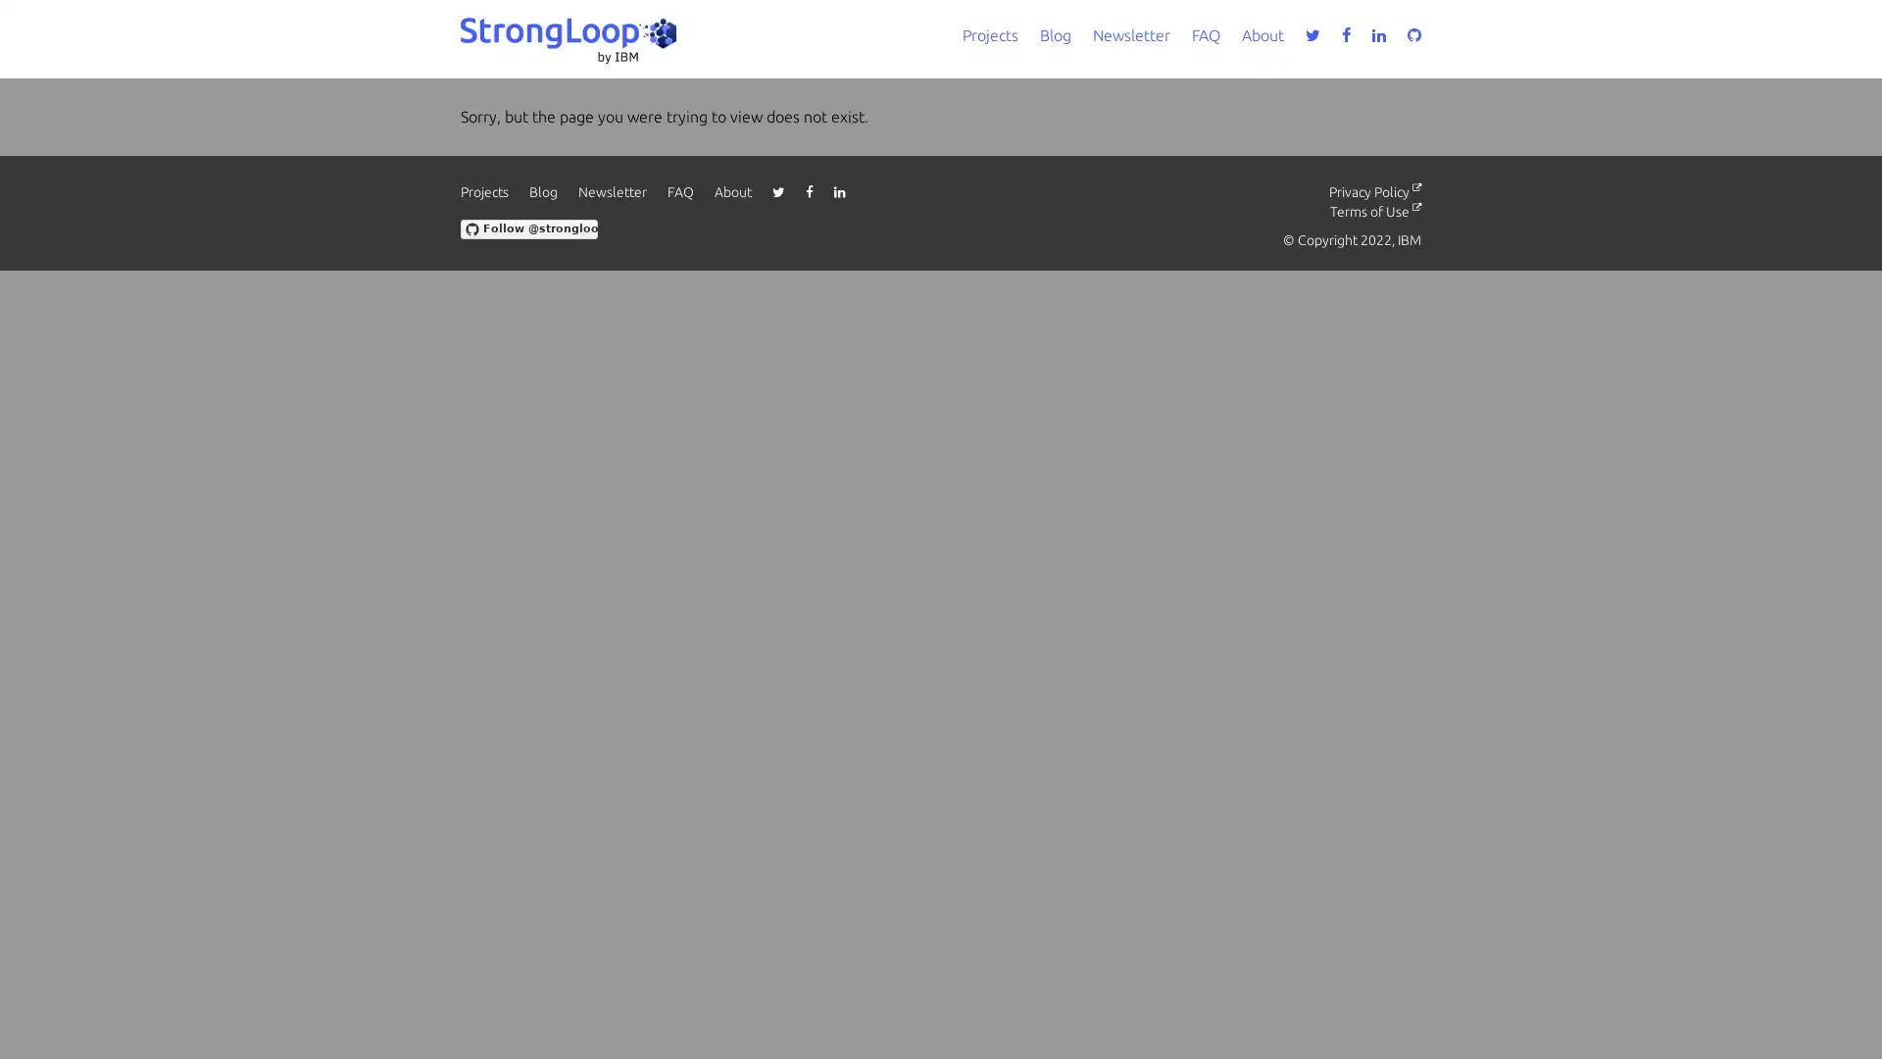  I want to click on close icon, so click(1866, 910).